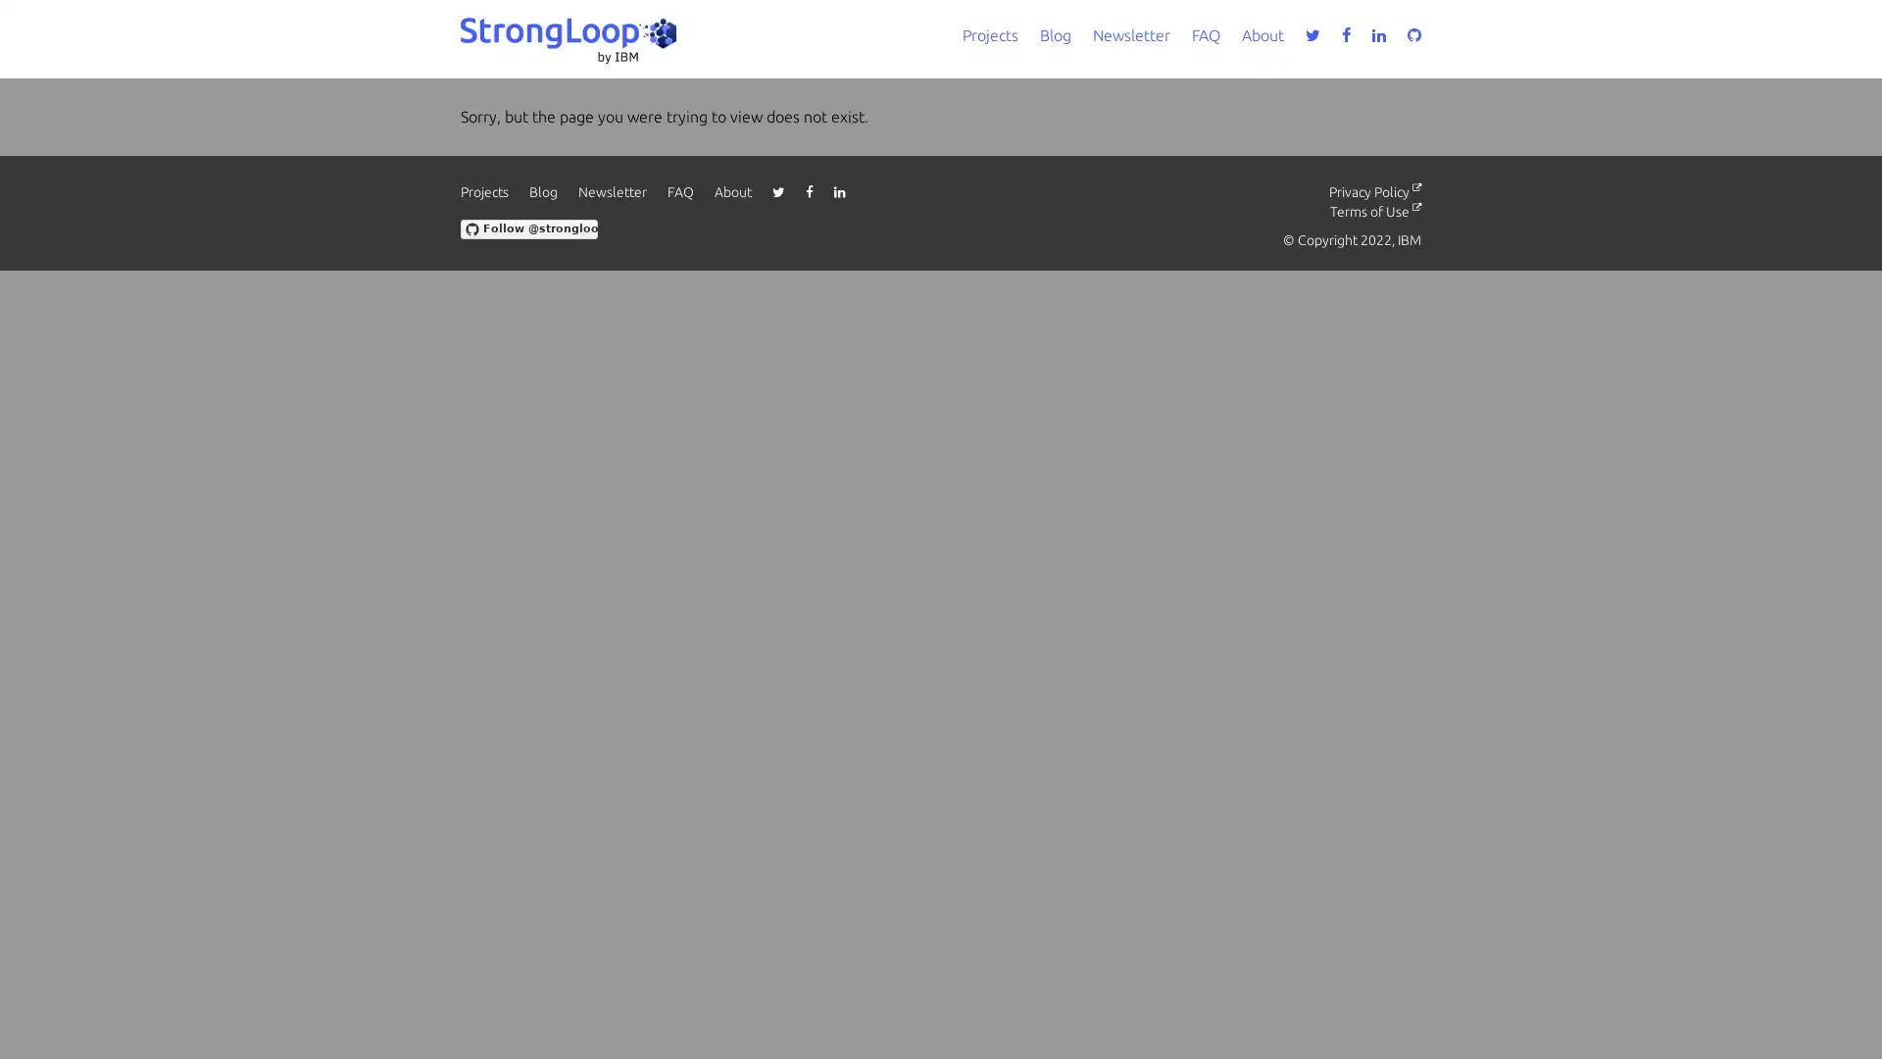  I want to click on close icon, so click(1866, 910).